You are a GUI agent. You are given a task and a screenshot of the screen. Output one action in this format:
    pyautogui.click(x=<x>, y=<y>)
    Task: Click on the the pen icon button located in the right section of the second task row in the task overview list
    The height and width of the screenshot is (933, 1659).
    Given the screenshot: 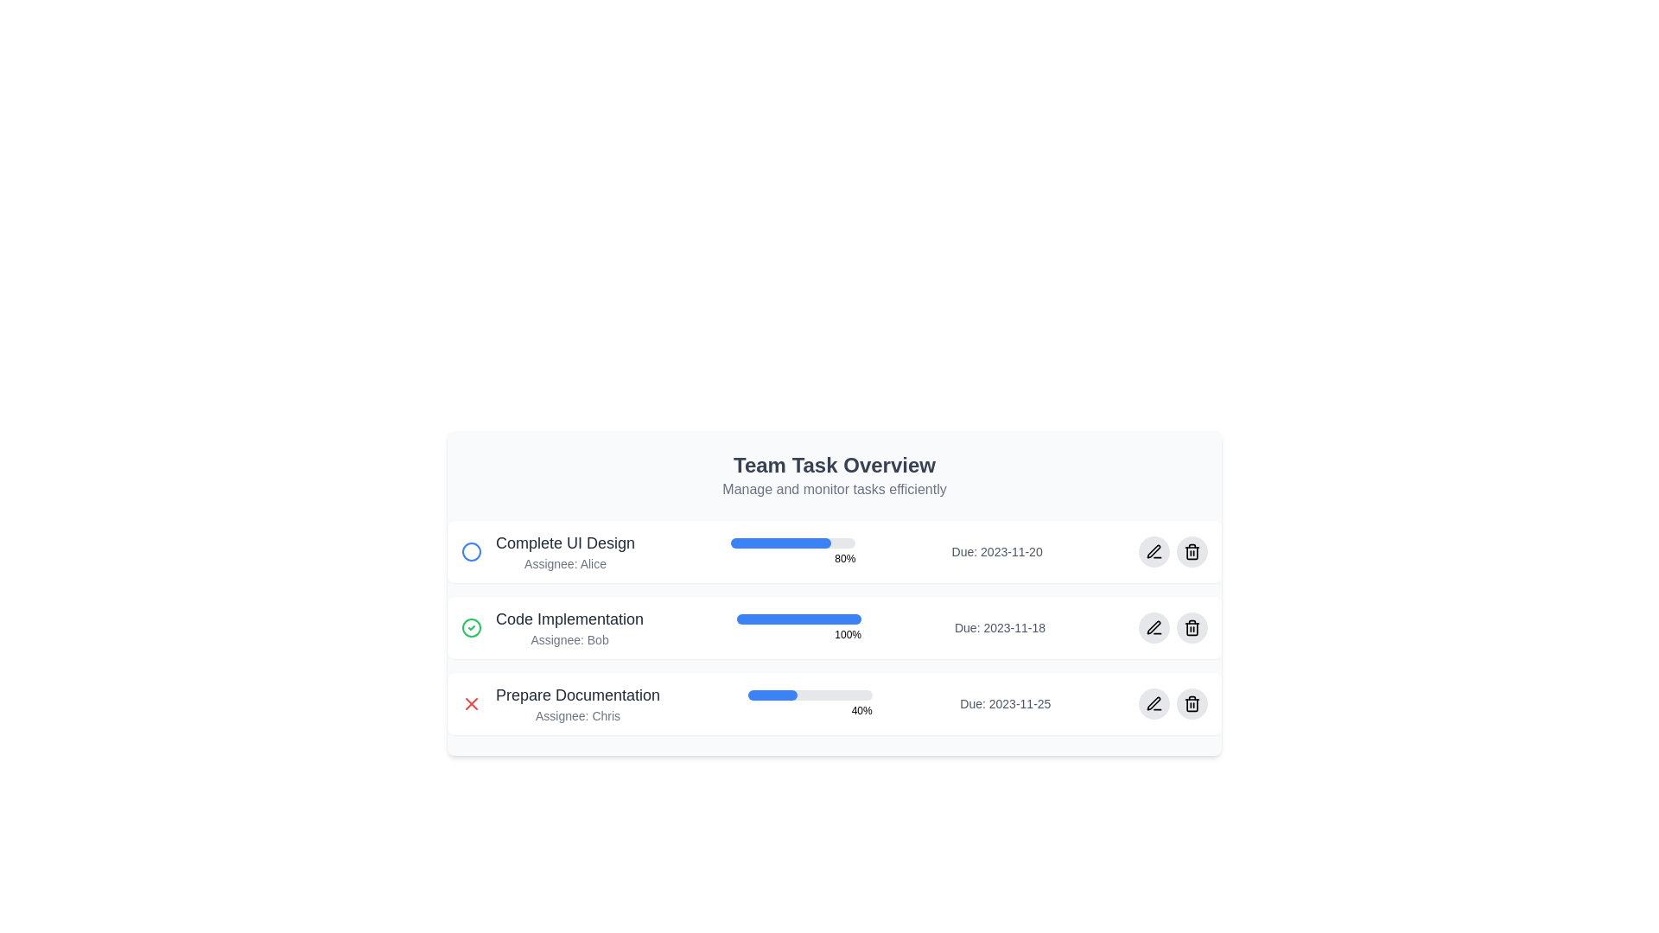 What is the action you would take?
    pyautogui.click(x=1154, y=627)
    